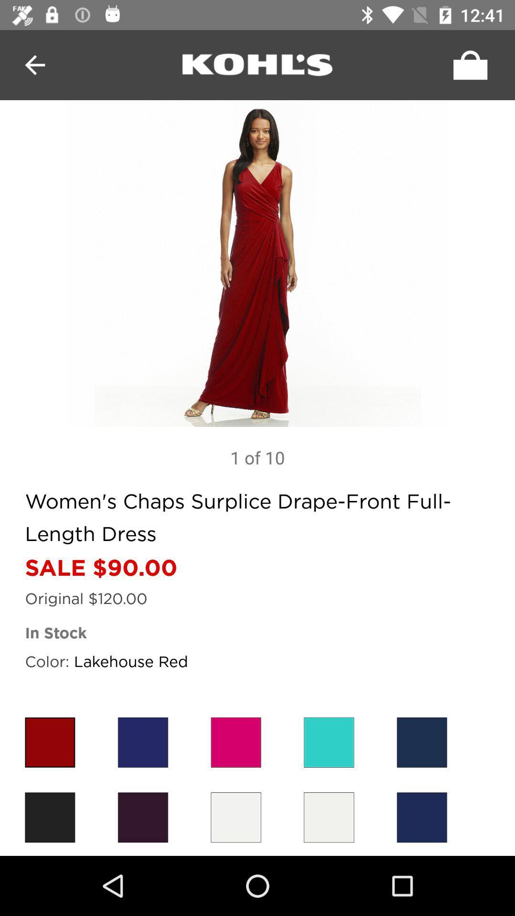  Describe the element at coordinates (50, 817) in the screenshot. I see `brown` at that location.